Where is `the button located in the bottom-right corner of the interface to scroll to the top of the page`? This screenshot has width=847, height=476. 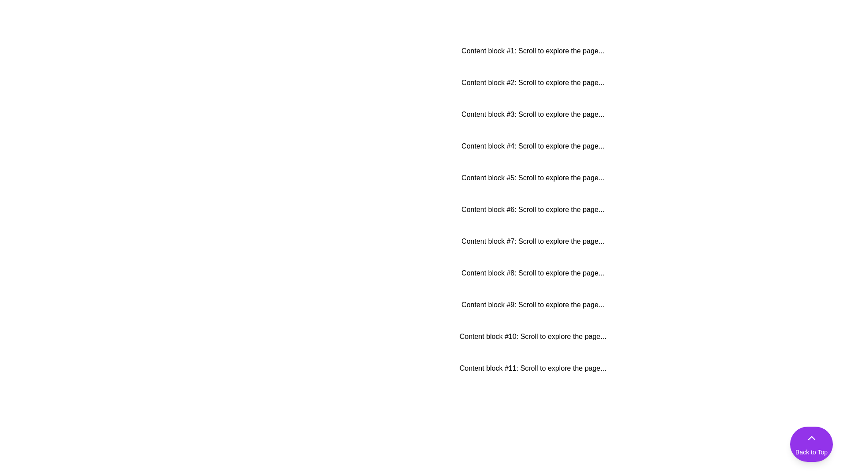 the button located in the bottom-right corner of the interface to scroll to the top of the page is located at coordinates (811, 444).